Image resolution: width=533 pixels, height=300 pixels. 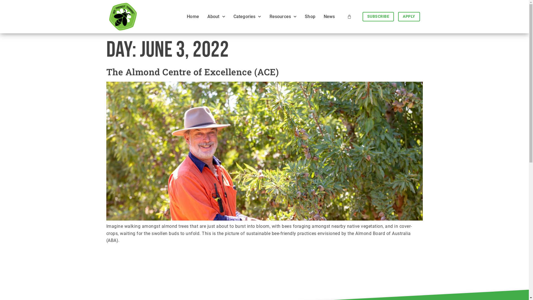 What do you see at coordinates (310, 16) in the screenshot?
I see `'Shop'` at bounding box center [310, 16].